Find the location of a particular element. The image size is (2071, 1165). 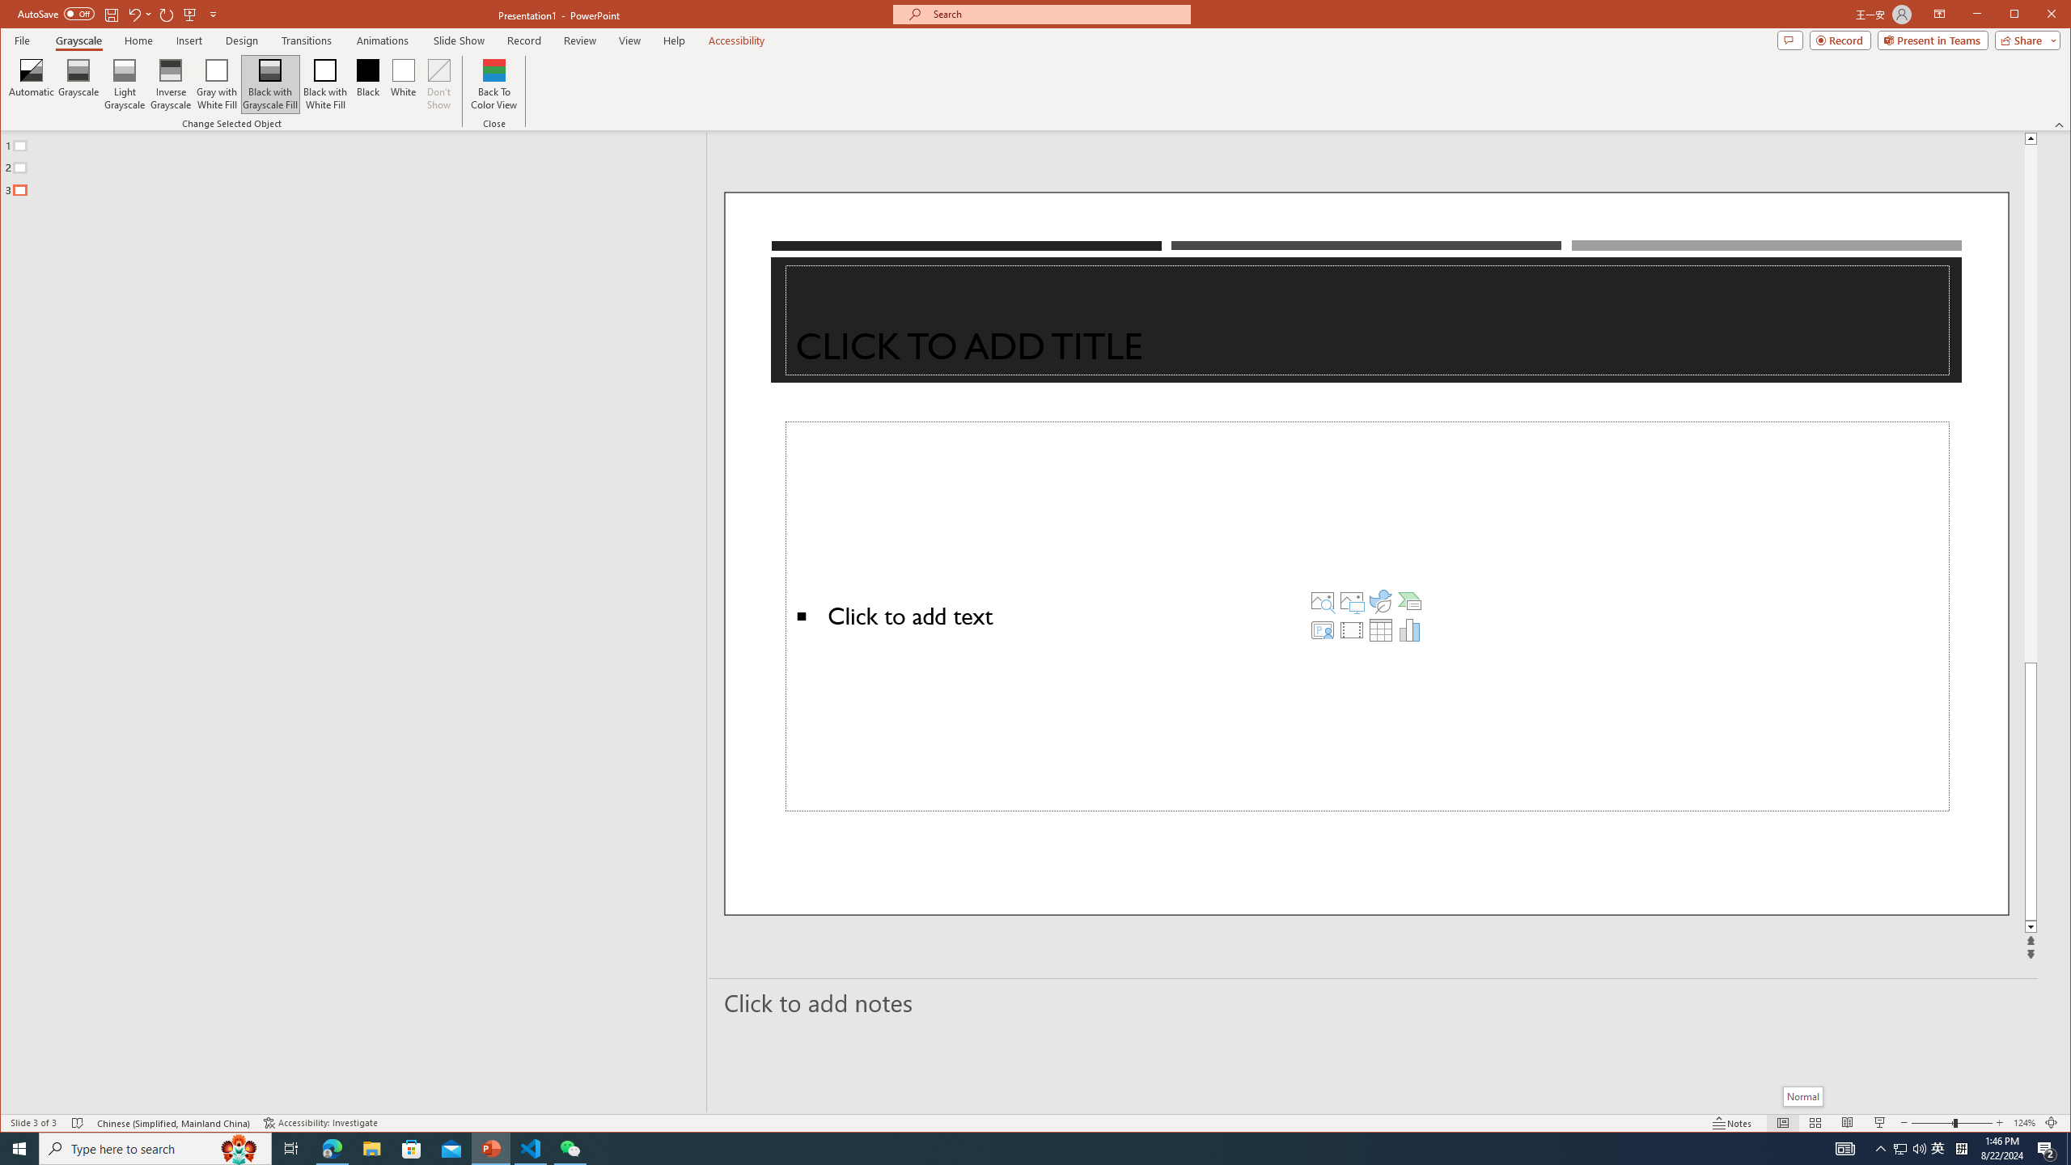

'WeChat - 1 running window' is located at coordinates (570, 1147).